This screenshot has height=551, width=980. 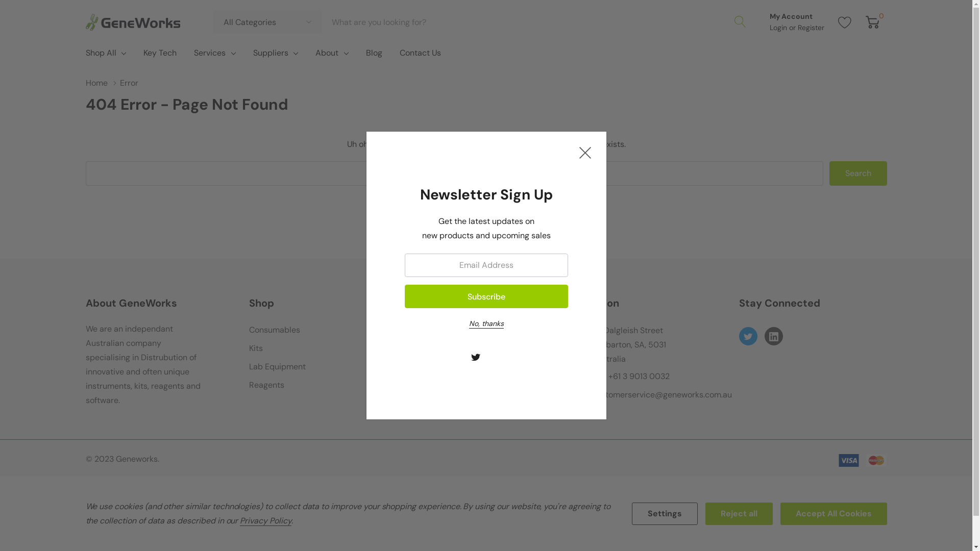 What do you see at coordinates (274, 330) in the screenshot?
I see `'Consumables'` at bounding box center [274, 330].